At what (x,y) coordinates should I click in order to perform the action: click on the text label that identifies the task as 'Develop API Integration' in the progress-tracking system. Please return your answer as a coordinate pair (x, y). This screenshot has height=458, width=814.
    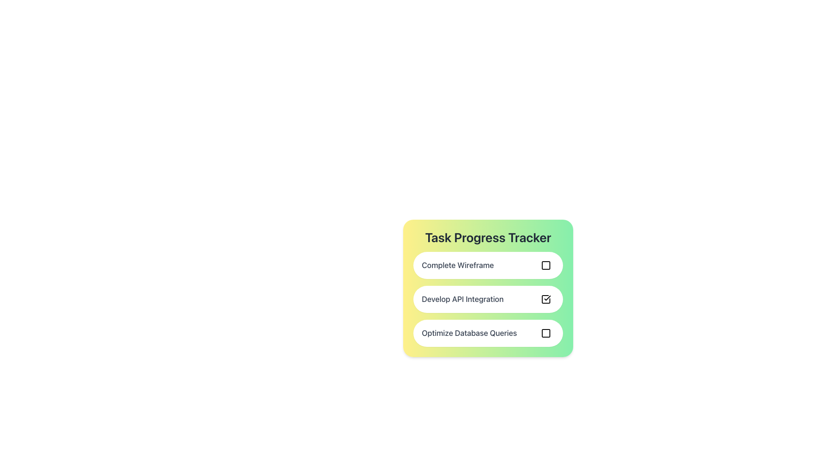
    Looking at the image, I should click on (462, 299).